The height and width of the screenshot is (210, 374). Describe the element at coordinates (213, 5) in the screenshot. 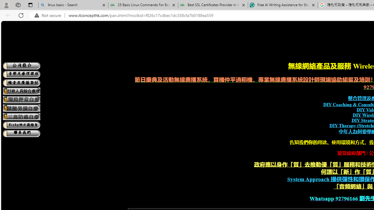

I see `'Best SSL Certificates Provider in India - GeeksforGeeks'` at that location.